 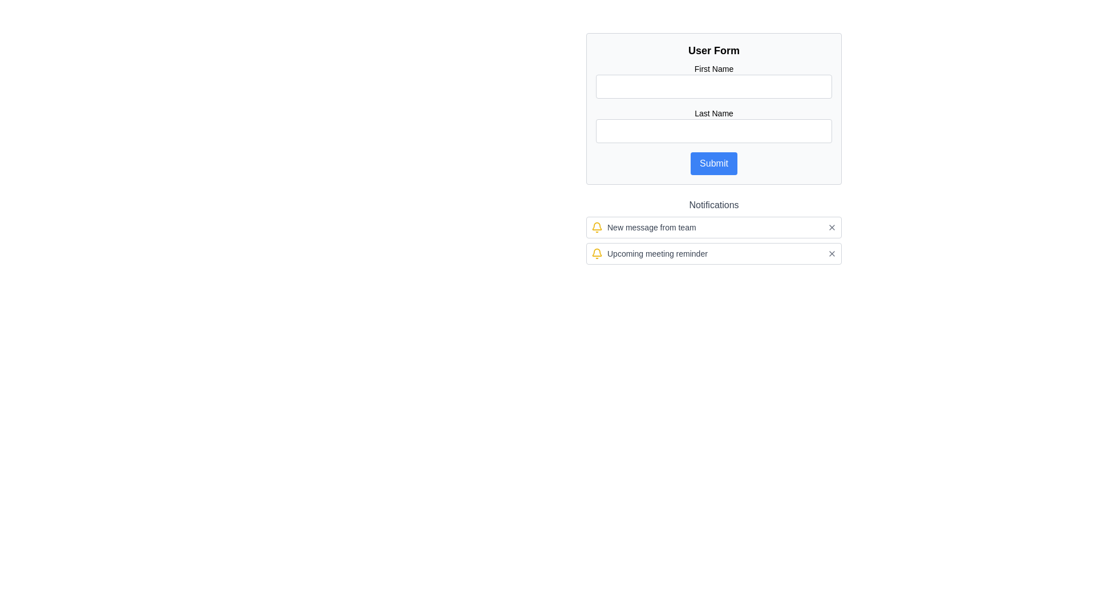 What do you see at coordinates (832, 253) in the screenshot?
I see `the gray 'X' icon button located next to the 'Upcoming meeting reminder' text to change its color to red` at bounding box center [832, 253].